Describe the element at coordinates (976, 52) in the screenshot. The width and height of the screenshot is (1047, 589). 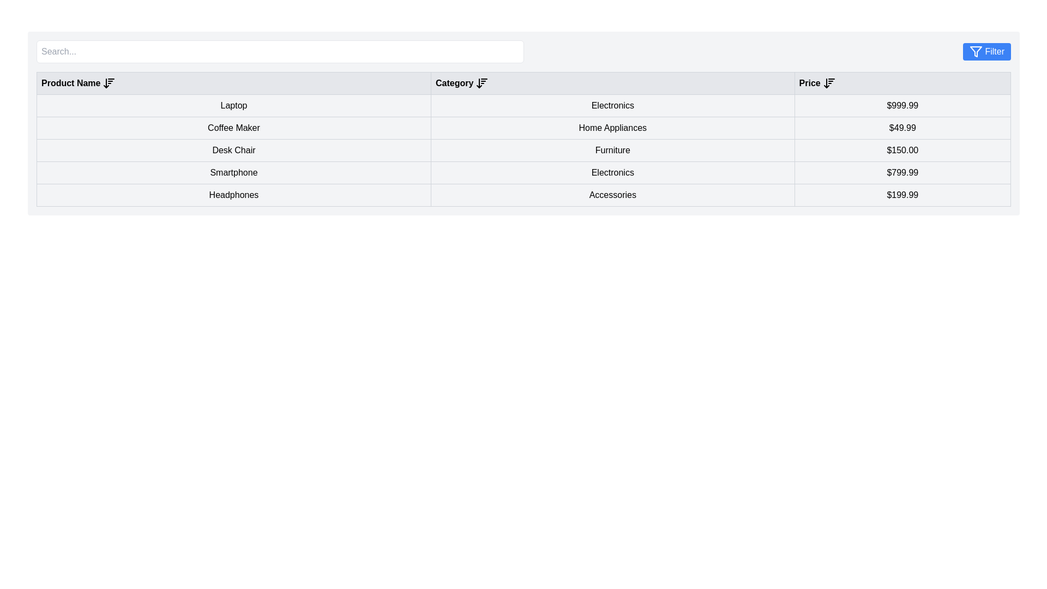
I see `the small triangular icon indicating a filtering action, located in the top-right corner of the interface` at that location.